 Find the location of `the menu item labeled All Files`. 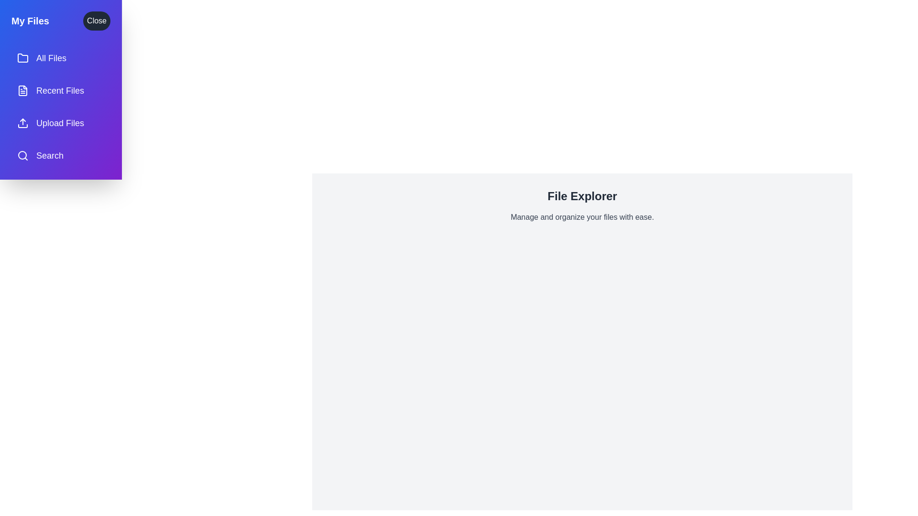

the menu item labeled All Files is located at coordinates (60, 58).